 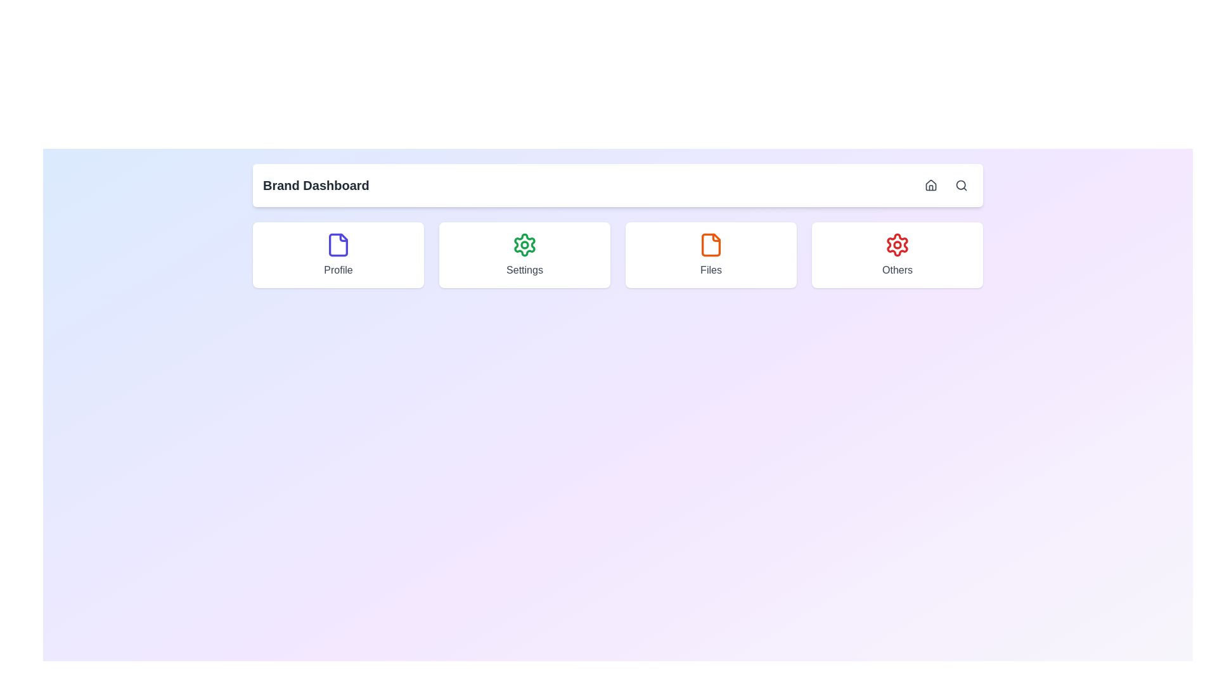 I want to click on the vibrant red cogwheel icon in the second row, third position, so click(x=897, y=244).